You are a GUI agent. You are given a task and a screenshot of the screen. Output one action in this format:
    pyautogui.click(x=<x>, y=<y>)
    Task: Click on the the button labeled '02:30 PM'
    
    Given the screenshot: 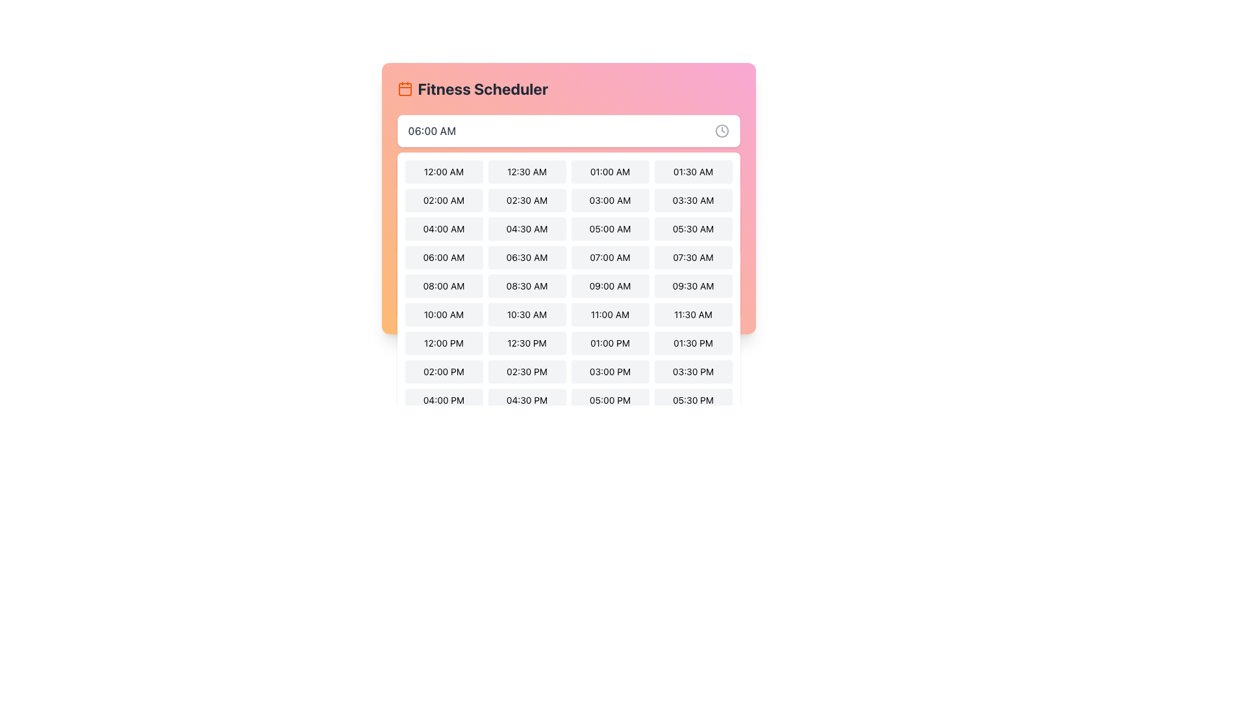 What is the action you would take?
    pyautogui.click(x=527, y=372)
    